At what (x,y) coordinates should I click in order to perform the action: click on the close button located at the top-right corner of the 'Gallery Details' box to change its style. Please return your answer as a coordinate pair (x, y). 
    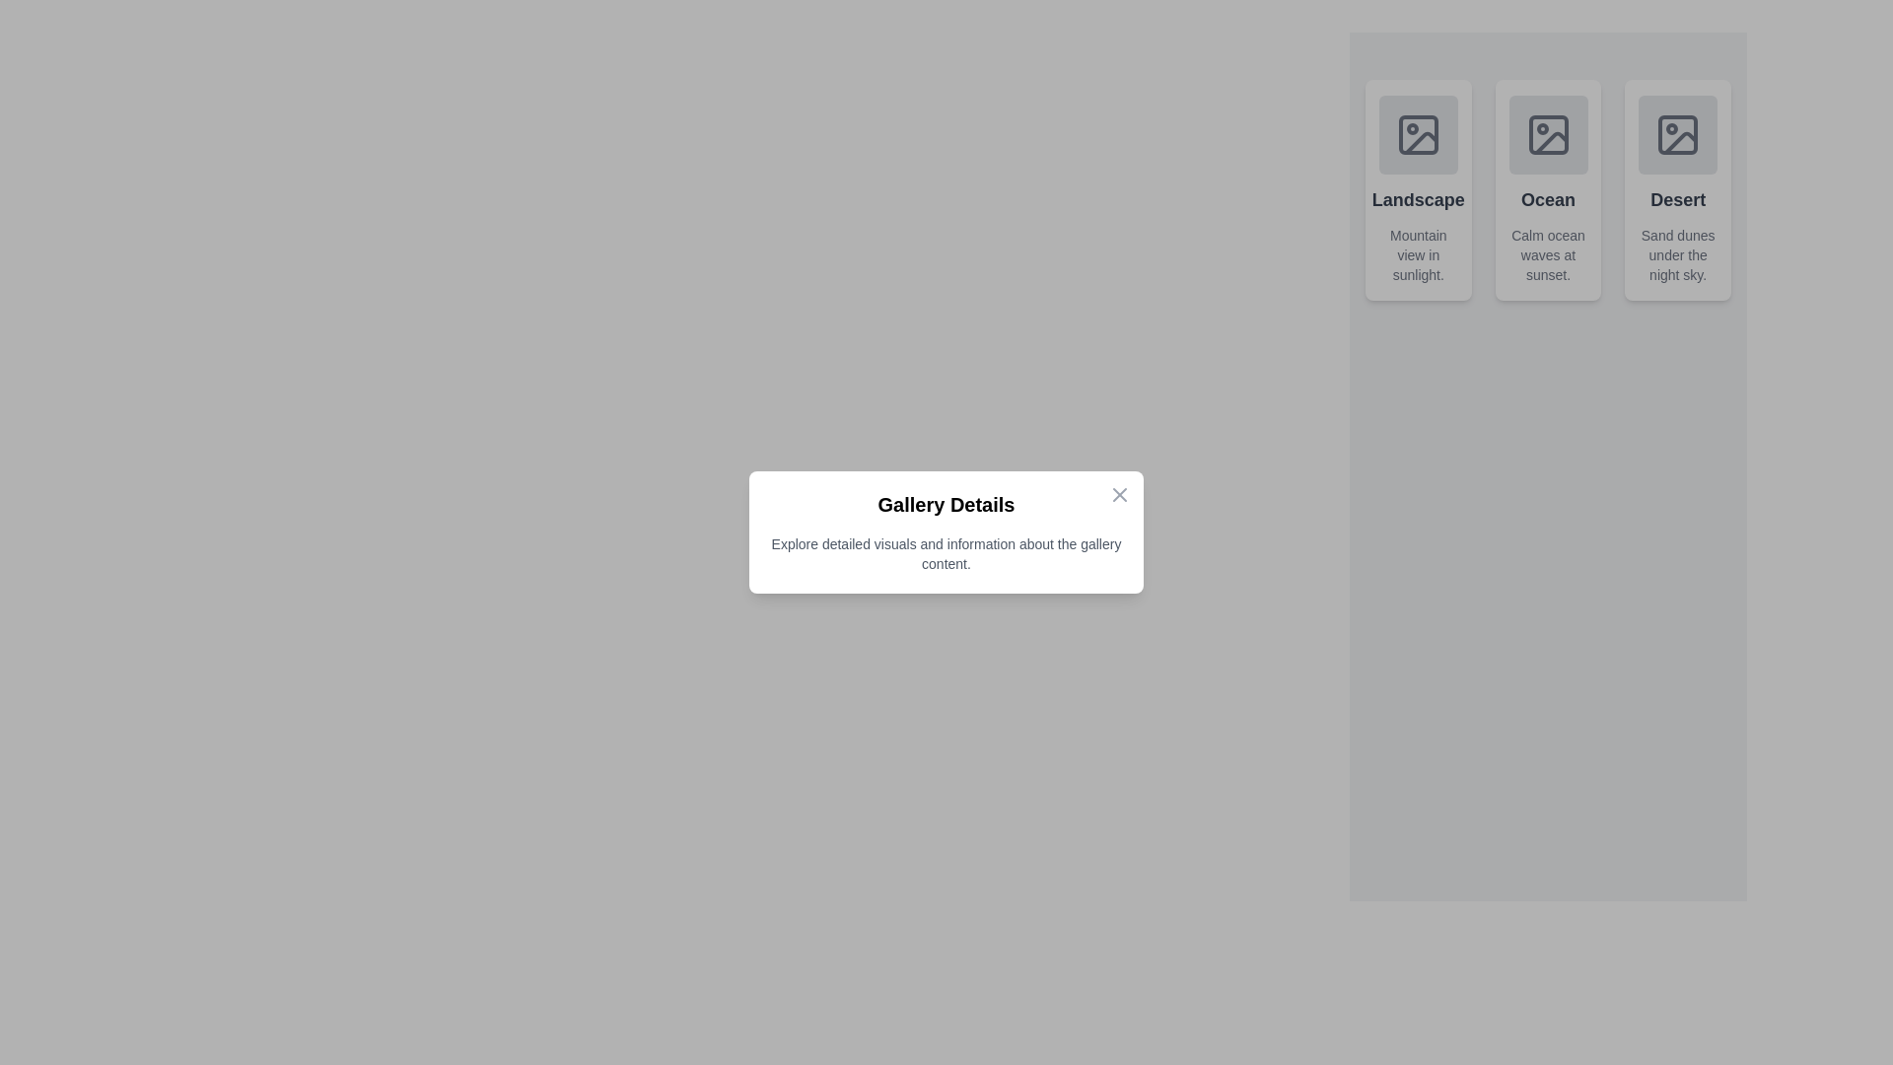
    Looking at the image, I should click on (1120, 493).